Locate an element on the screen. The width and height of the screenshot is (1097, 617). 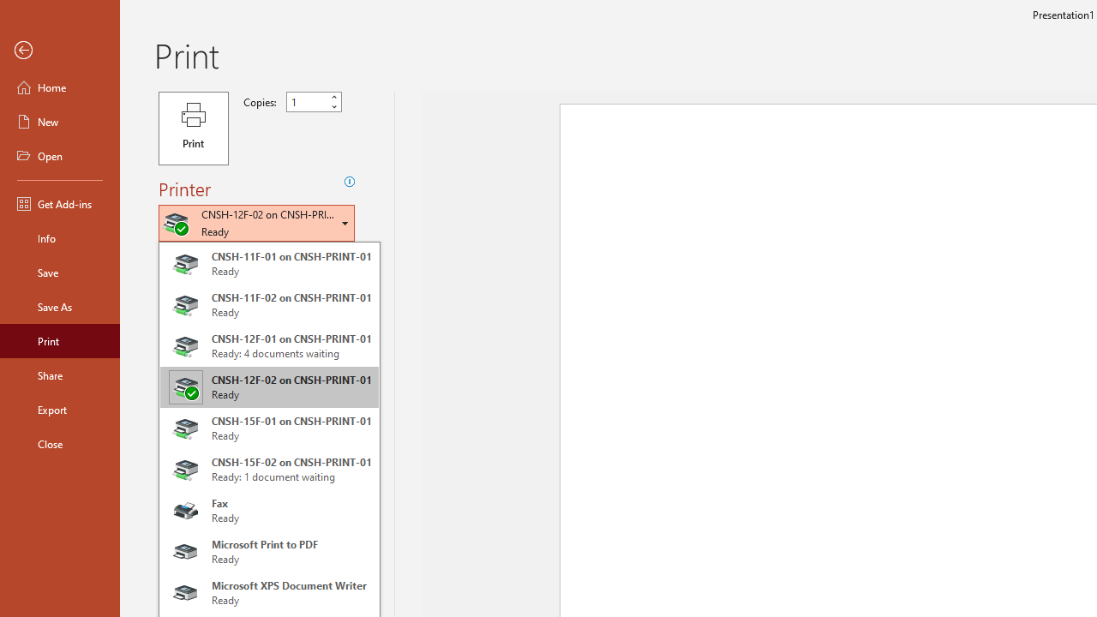
'Which Printer' is located at coordinates (255, 222).